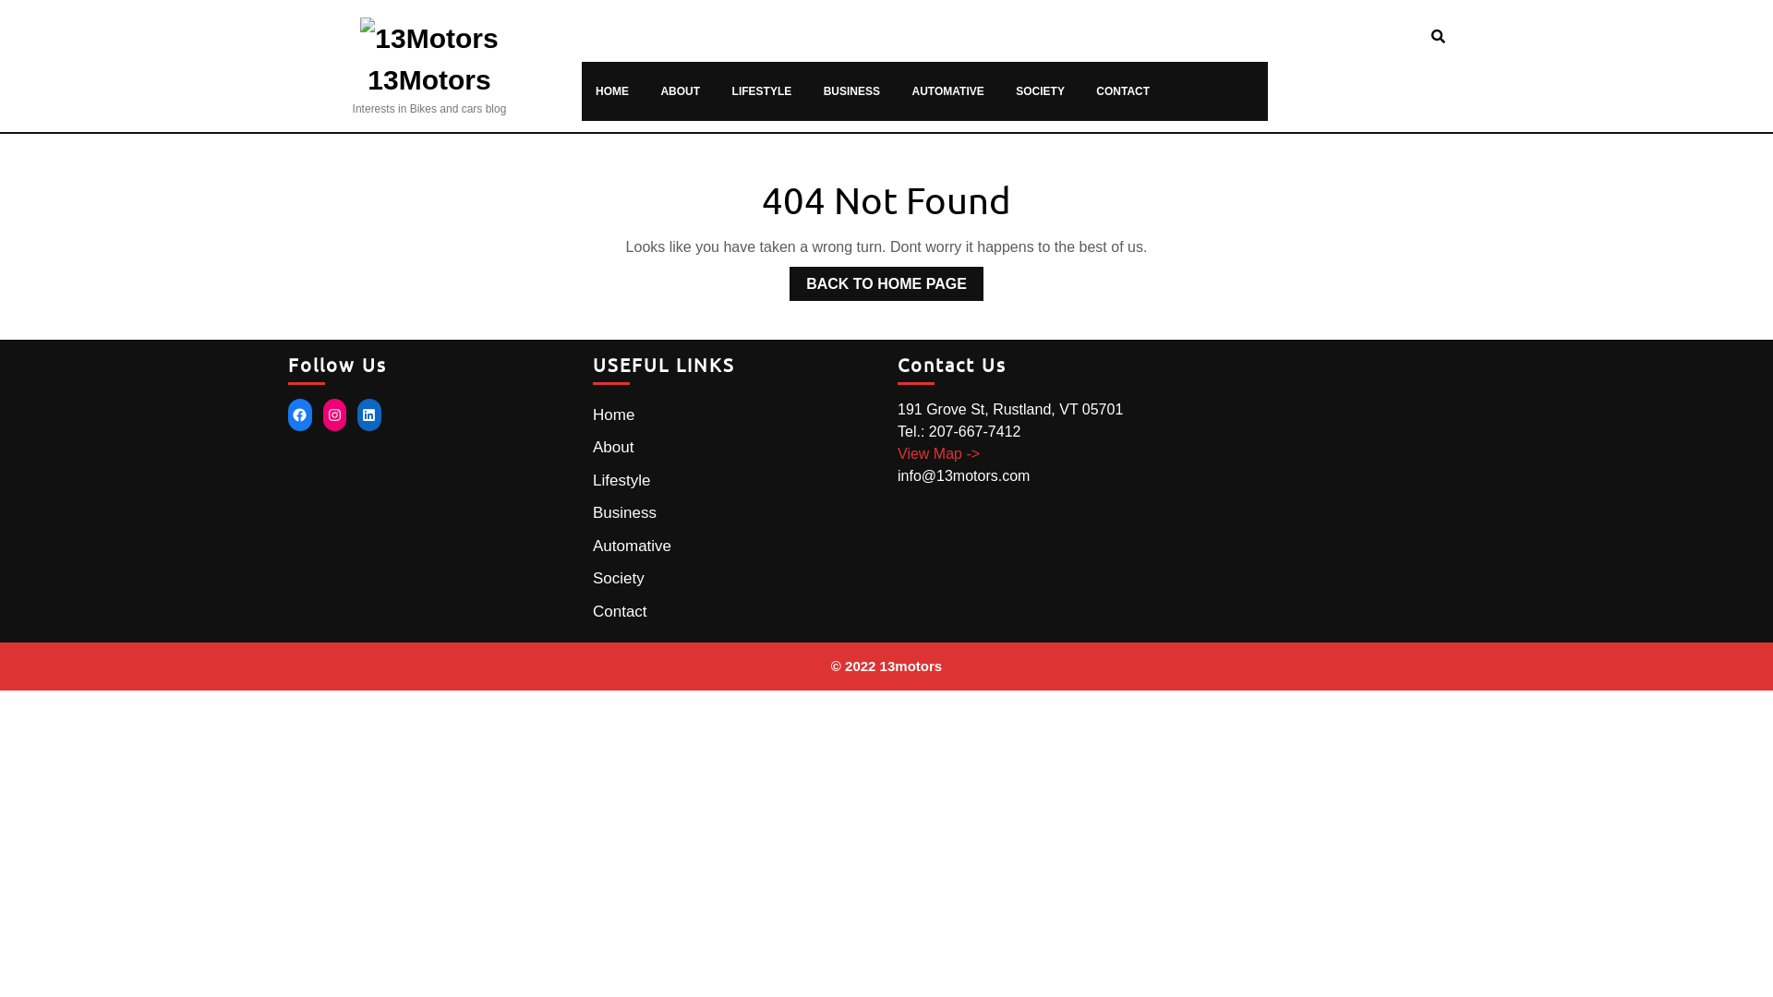 The width and height of the screenshot is (1773, 997). What do you see at coordinates (789, 283) in the screenshot?
I see `'BACK TO HOME PAGE'` at bounding box center [789, 283].